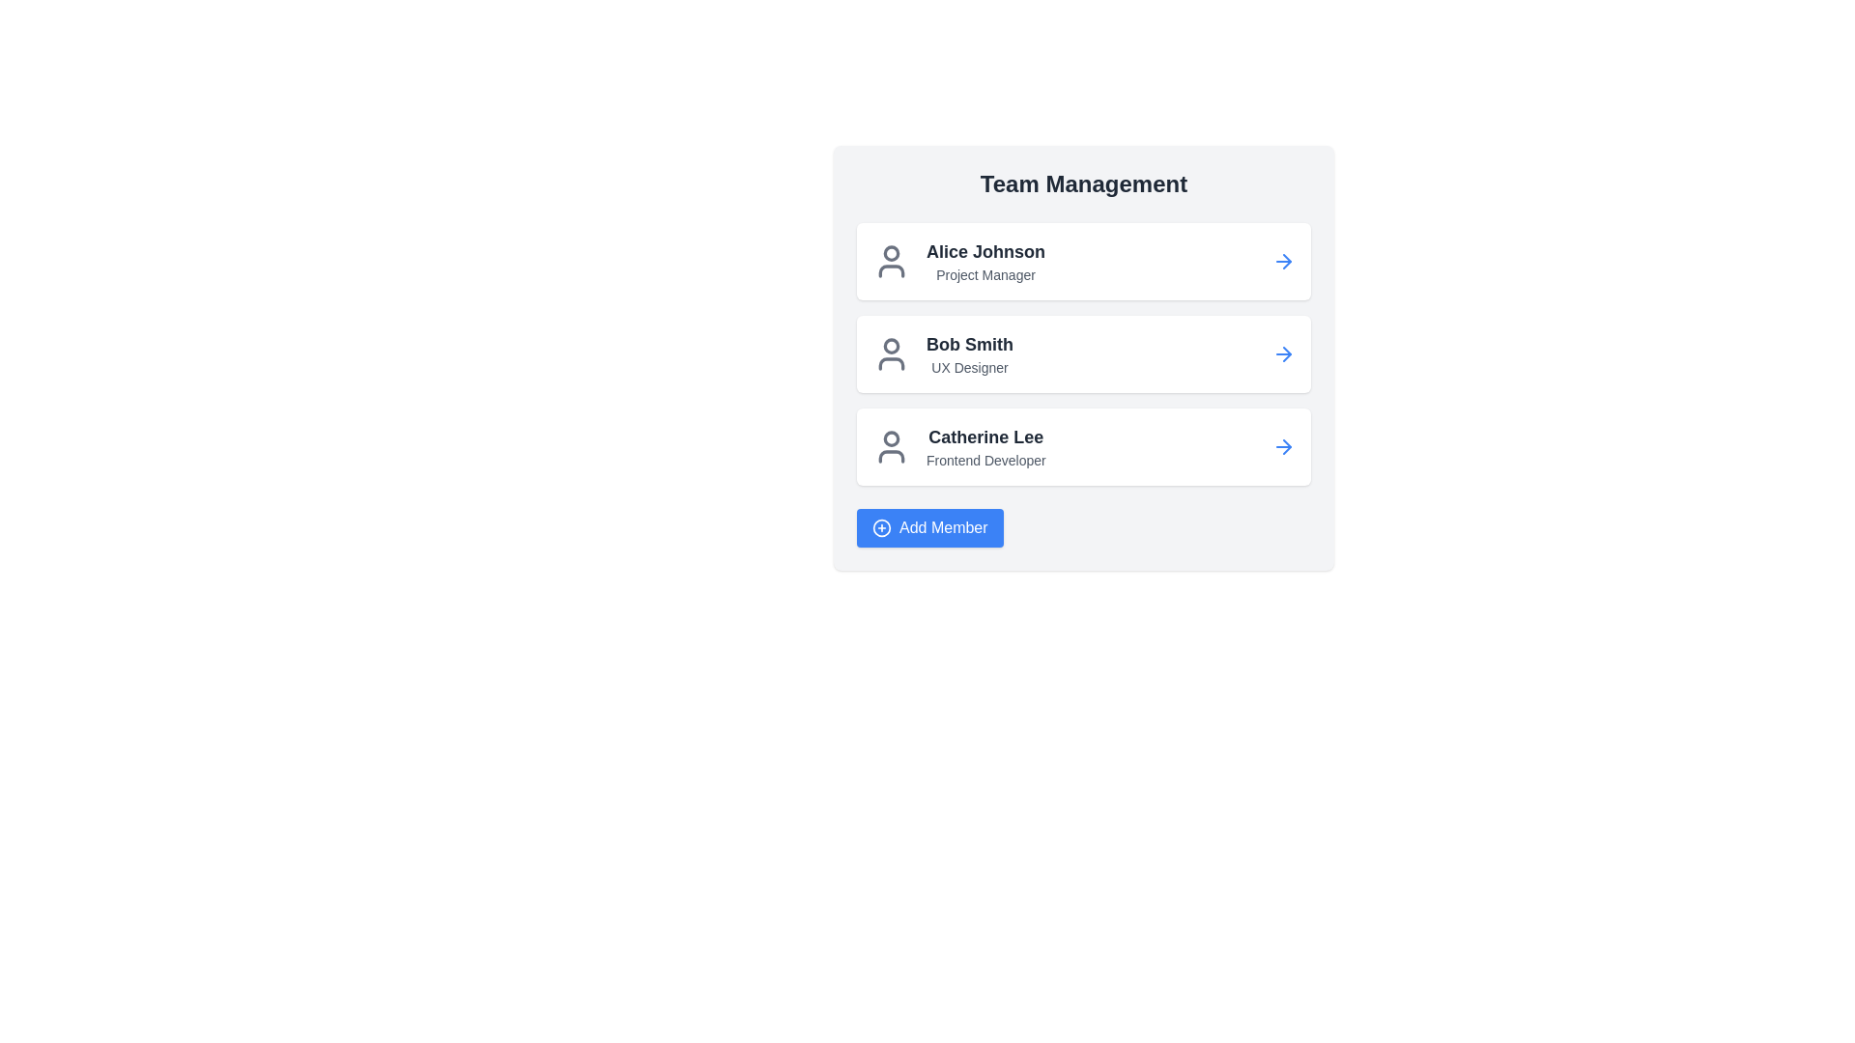 Image resolution: width=1855 pixels, height=1043 pixels. Describe the element at coordinates (985, 251) in the screenshot. I see `the text label displaying the team member's name, located at the top of the first card in a vertical list, above the subtitle 'Project Manager'` at that location.